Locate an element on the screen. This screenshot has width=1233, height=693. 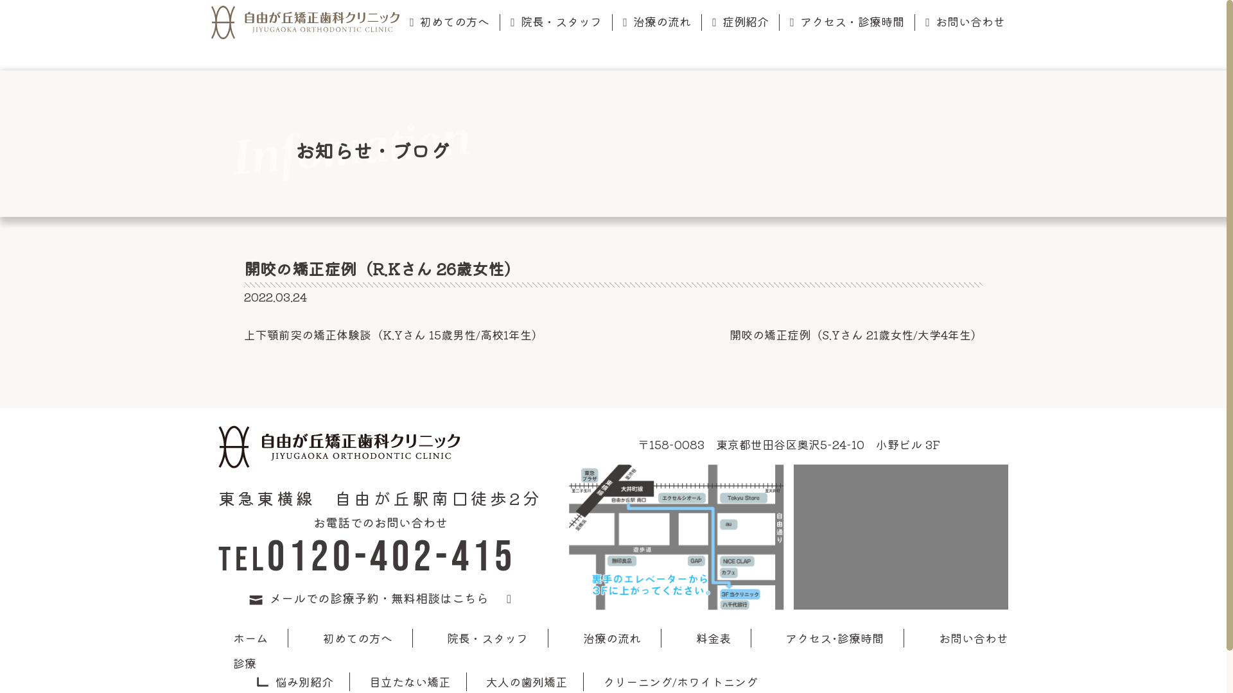
'TEL0120-402-415' is located at coordinates (366, 556).